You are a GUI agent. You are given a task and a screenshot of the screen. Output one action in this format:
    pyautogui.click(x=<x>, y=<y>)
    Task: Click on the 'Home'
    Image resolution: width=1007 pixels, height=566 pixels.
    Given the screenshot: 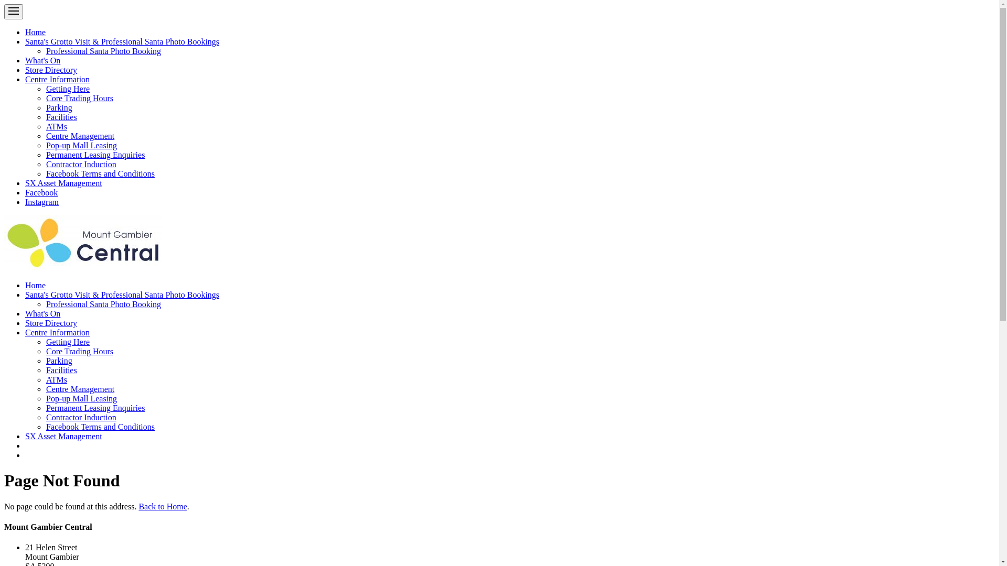 What is the action you would take?
    pyautogui.click(x=35, y=31)
    